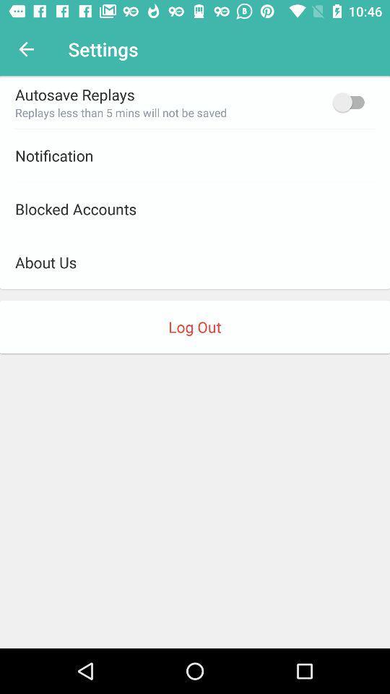  What do you see at coordinates (351, 101) in the screenshot?
I see `autosave` at bounding box center [351, 101].